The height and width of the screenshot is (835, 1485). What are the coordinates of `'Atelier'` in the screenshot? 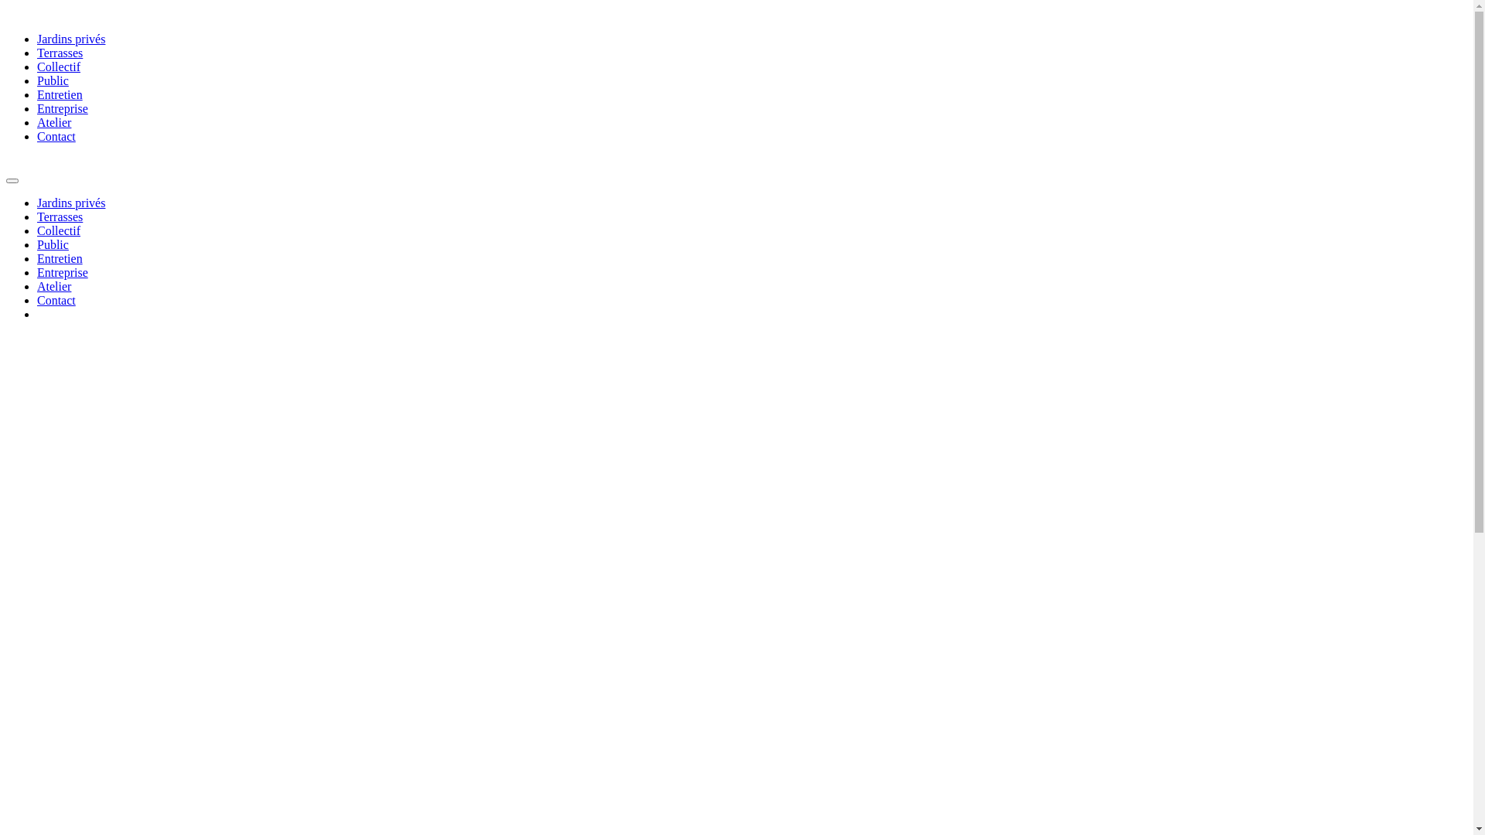 It's located at (54, 121).